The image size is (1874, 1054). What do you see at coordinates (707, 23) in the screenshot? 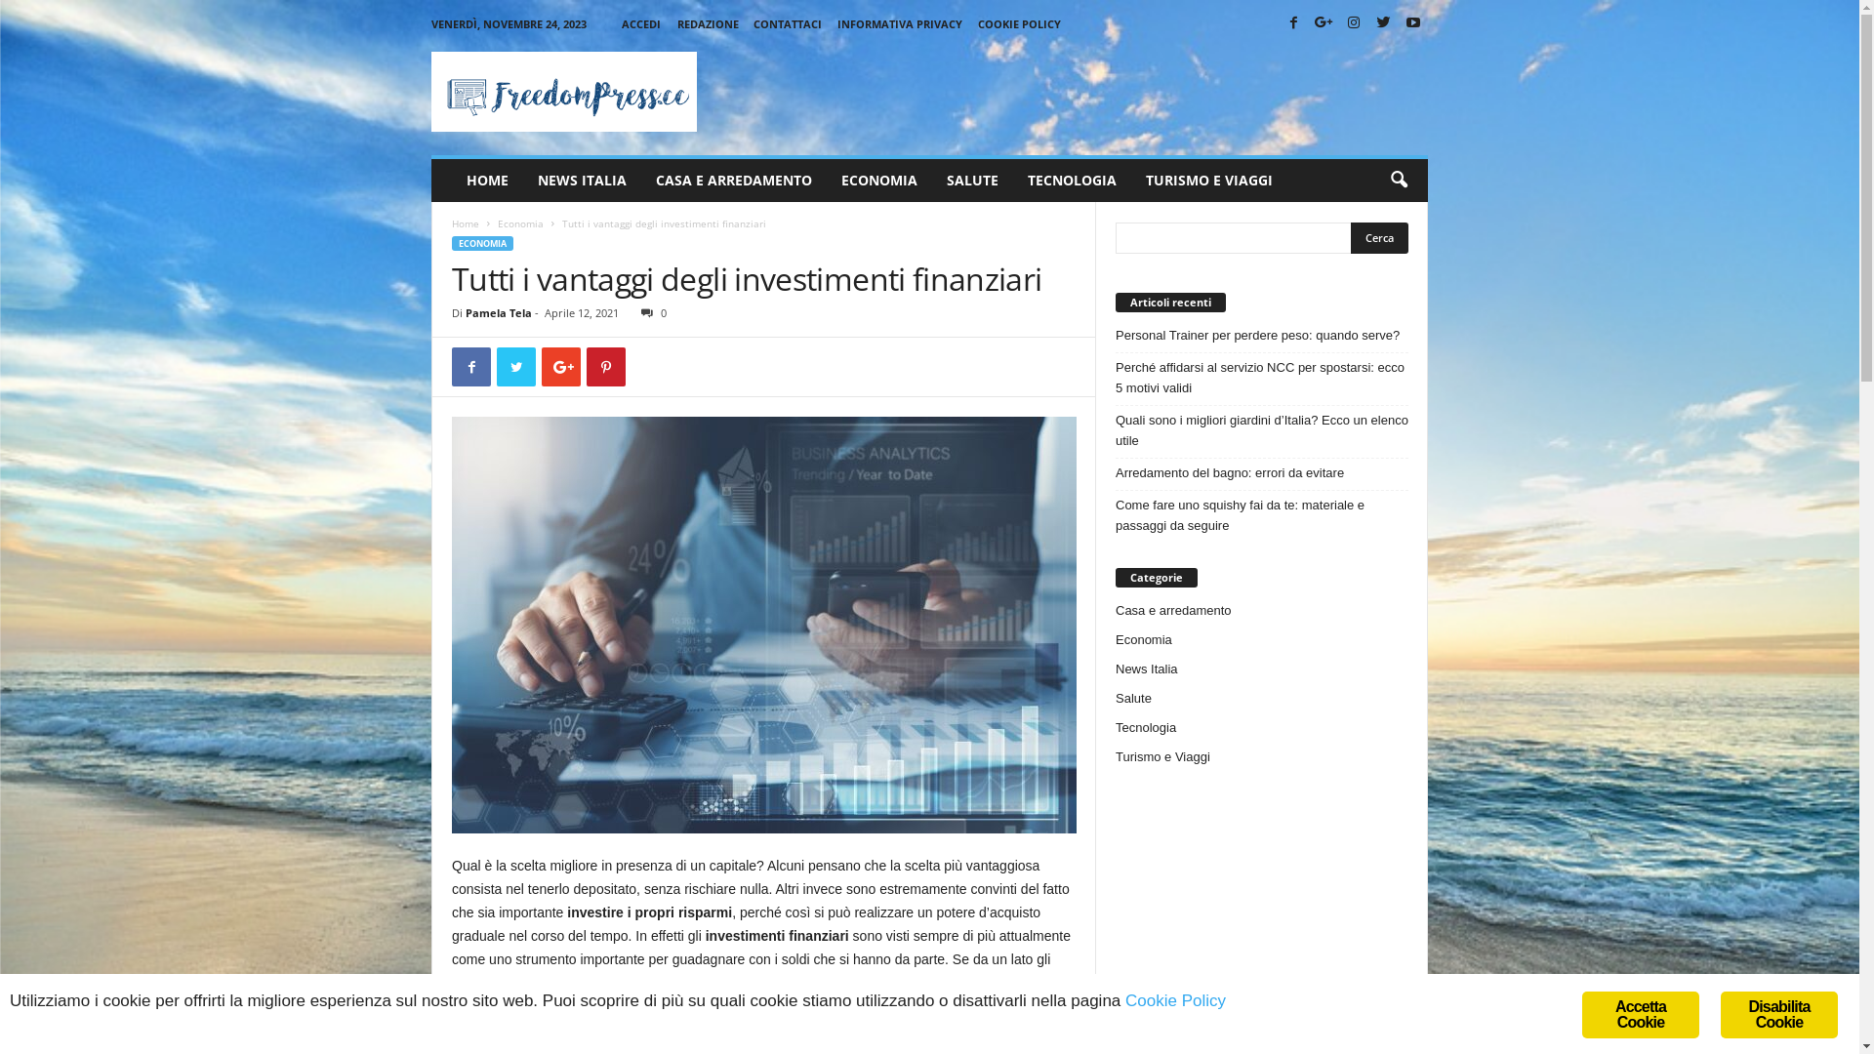
I see `'REDAZIONE'` at bounding box center [707, 23].